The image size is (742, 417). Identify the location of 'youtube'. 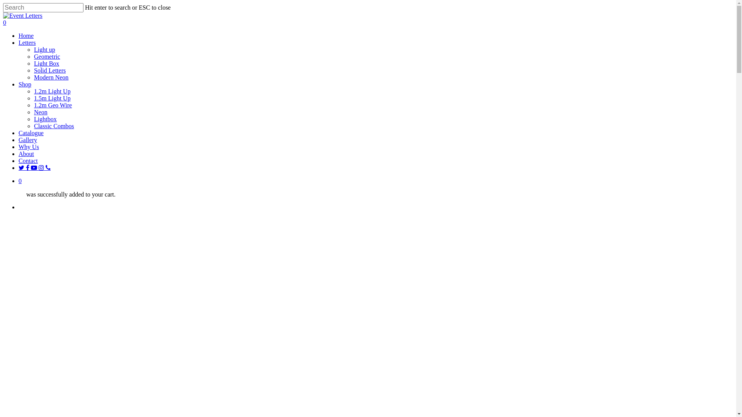
(34, 167).